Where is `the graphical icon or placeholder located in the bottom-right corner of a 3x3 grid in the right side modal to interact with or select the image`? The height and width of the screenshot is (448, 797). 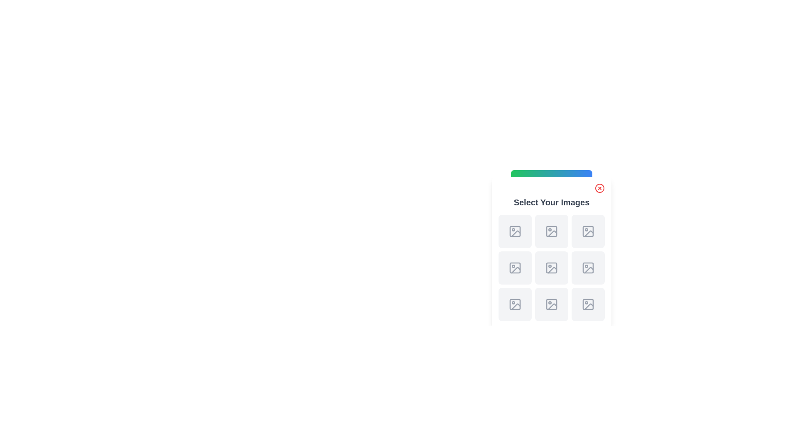
the graphical icon or placeholder located in the bottom-right corner of a 3x3 grid in the right side modal to interact with or select the image is located at coordinates (587, 304).